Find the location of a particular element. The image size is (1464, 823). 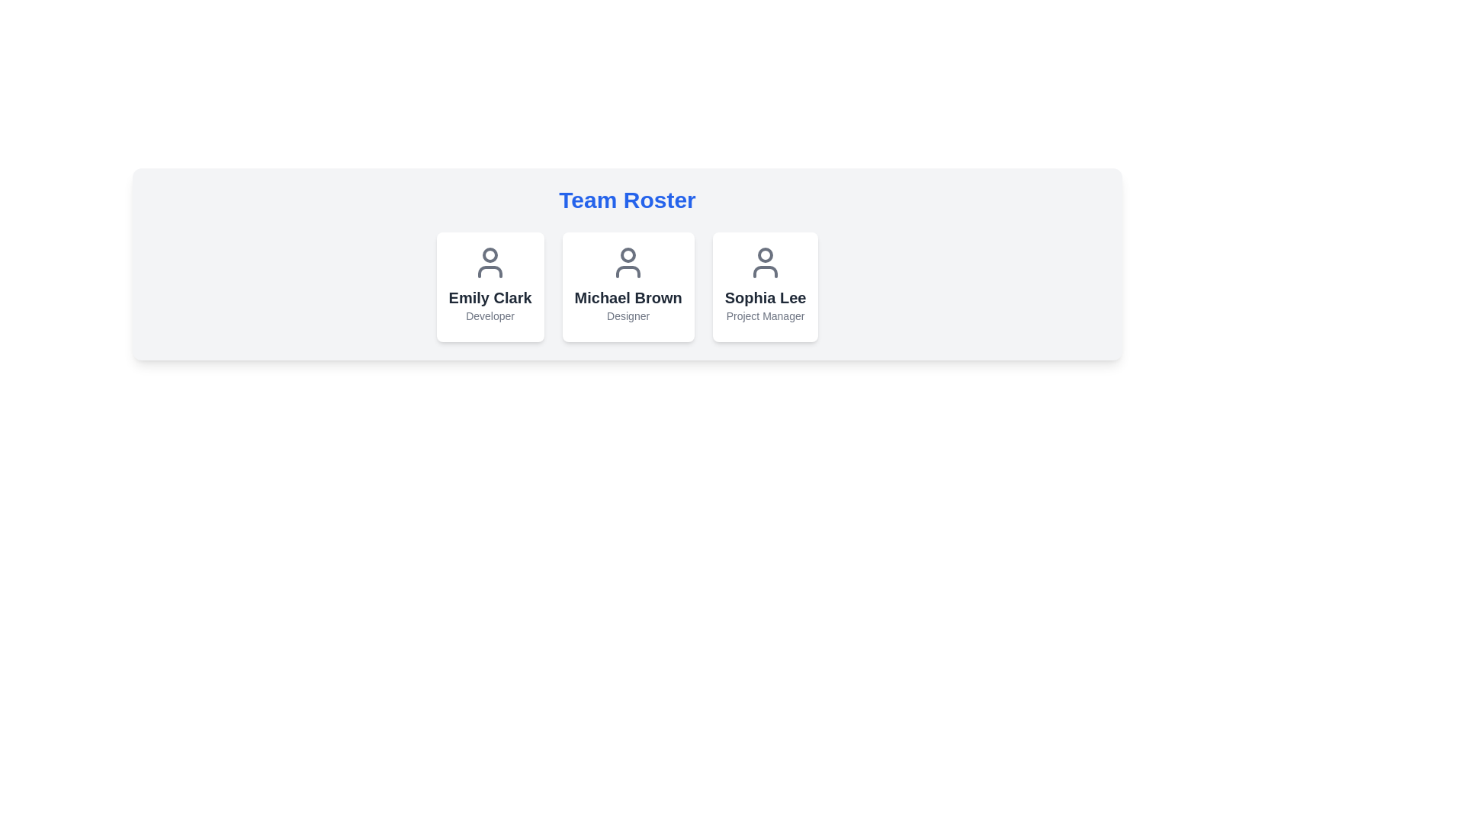

text label displaying 'Developer', which is styled in a small gray font and located below the name 'Emily Clark' within the card interface is located at coordinates (490, 315).